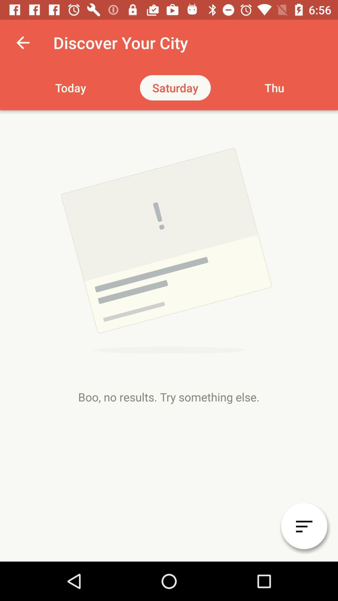  What do you see at coordinates (23, 42) in the screenshot?
I see `icon to the left of the  discover your city app` at bounding box center [23, 42].